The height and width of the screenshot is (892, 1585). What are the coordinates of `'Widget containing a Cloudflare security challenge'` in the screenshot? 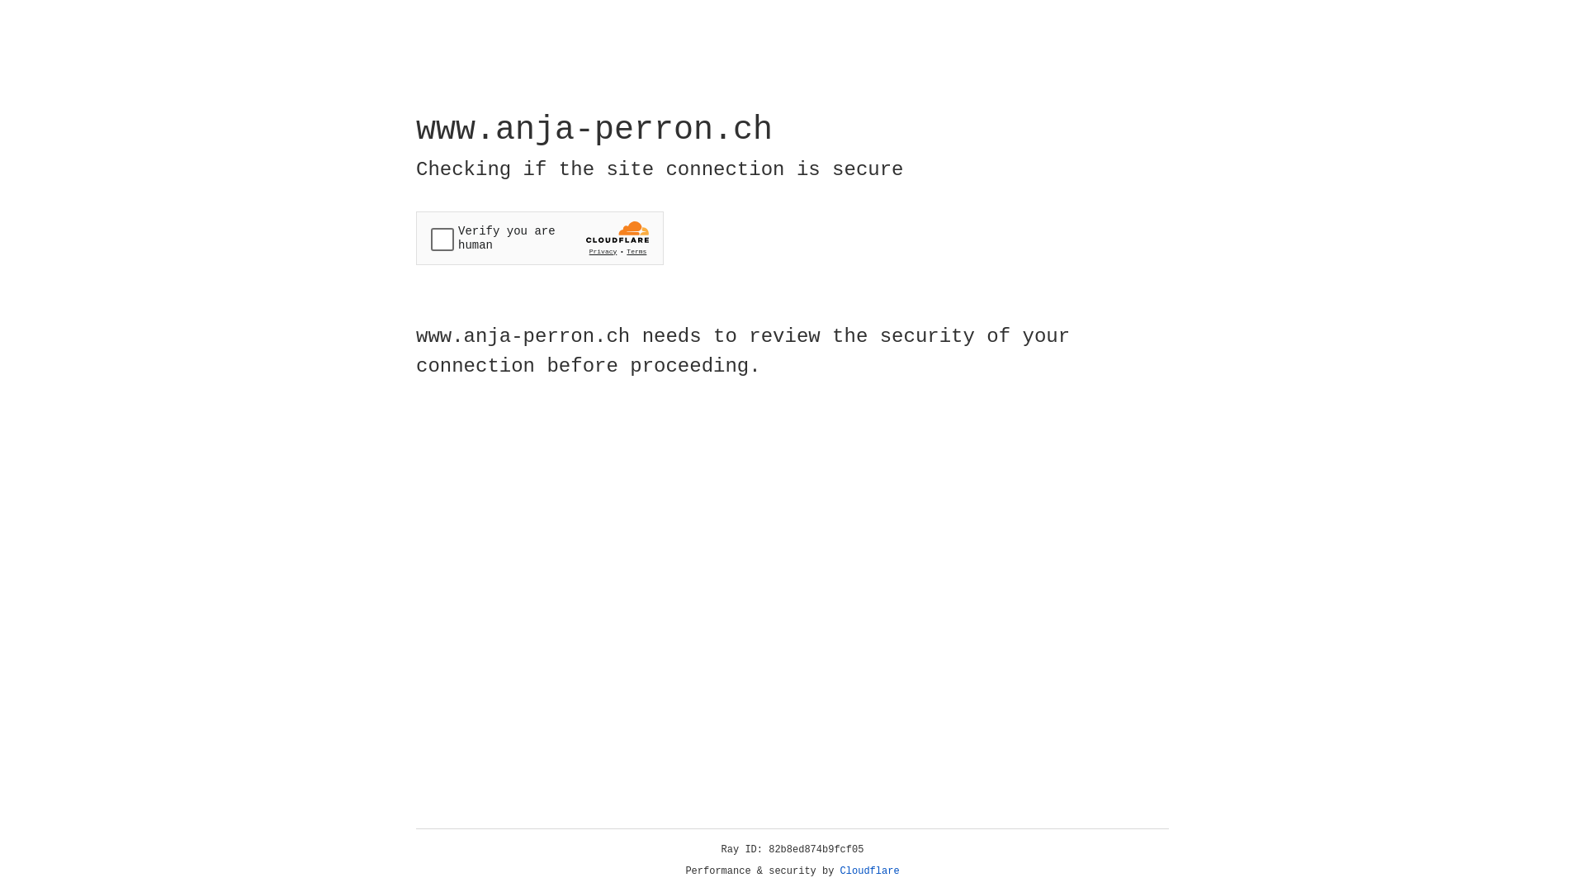 It's located at (539, 238).